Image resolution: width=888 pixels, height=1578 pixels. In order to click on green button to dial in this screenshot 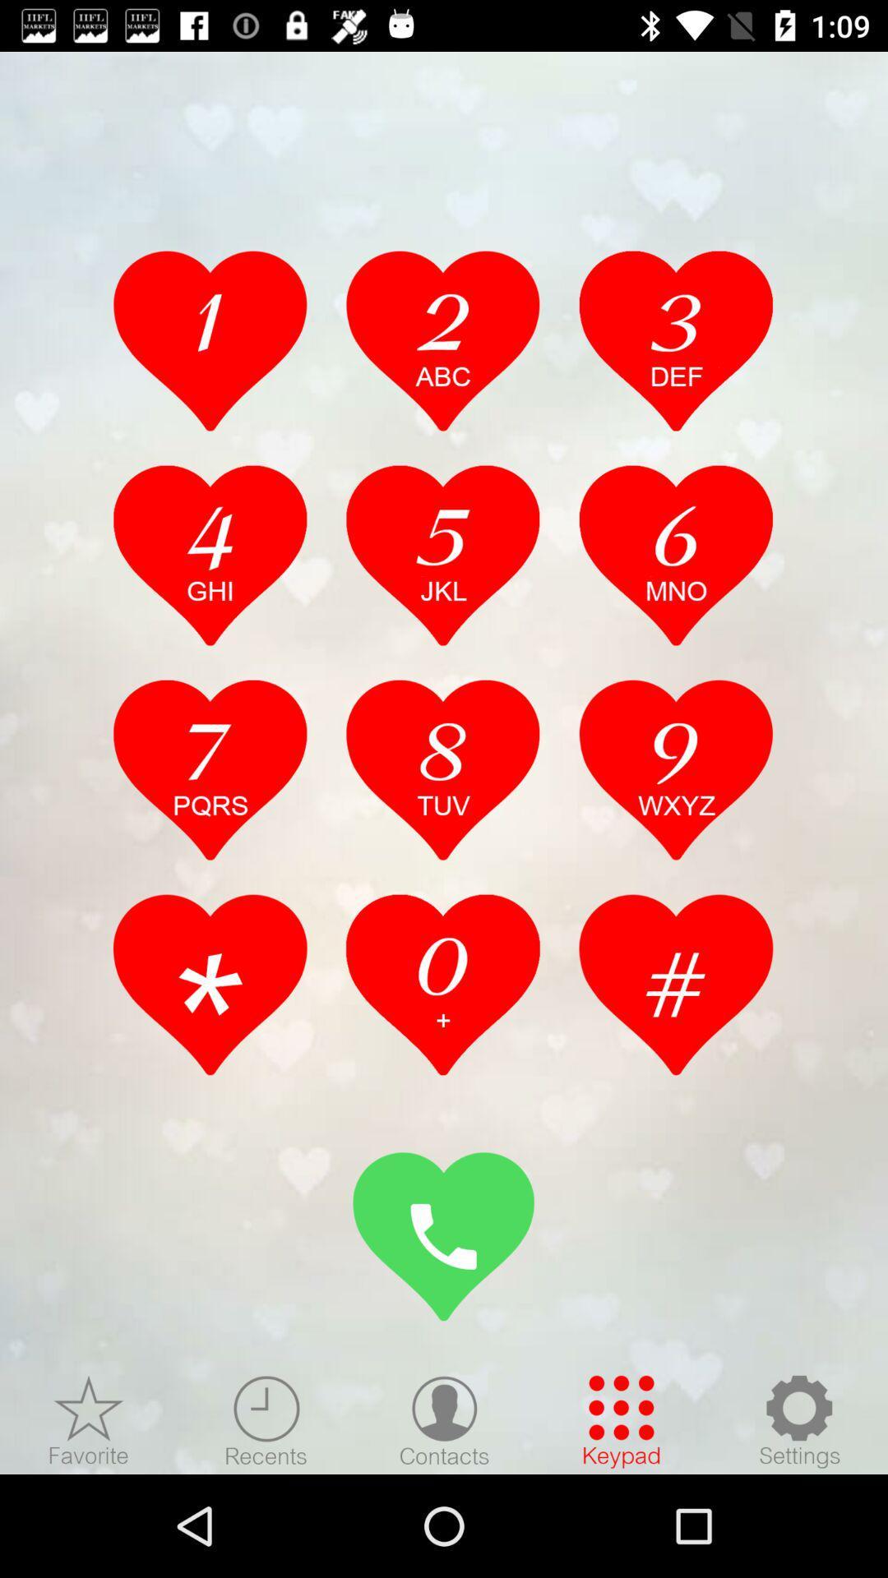, I will do `click(444, 1236)`.